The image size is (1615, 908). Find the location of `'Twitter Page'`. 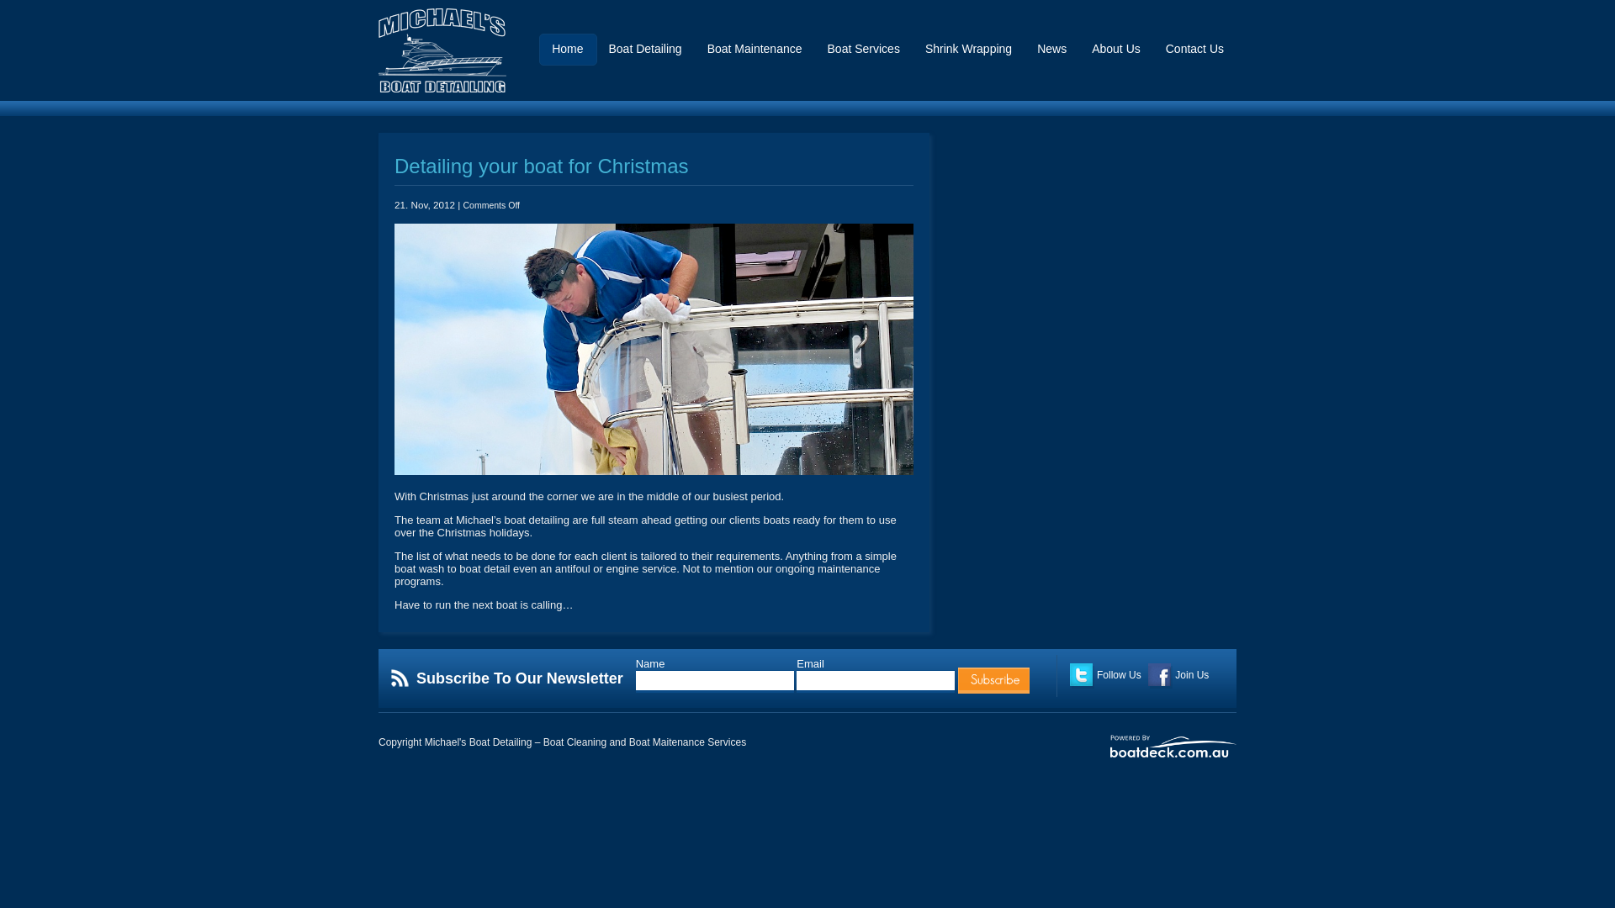

'Twitter Page' is located at coordinates (1082, 674).